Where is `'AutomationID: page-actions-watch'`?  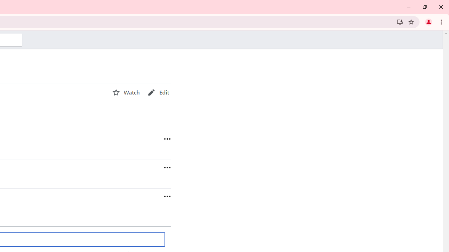 'AutomationID: page-actions-watch' is located at coordinates (126, 92).